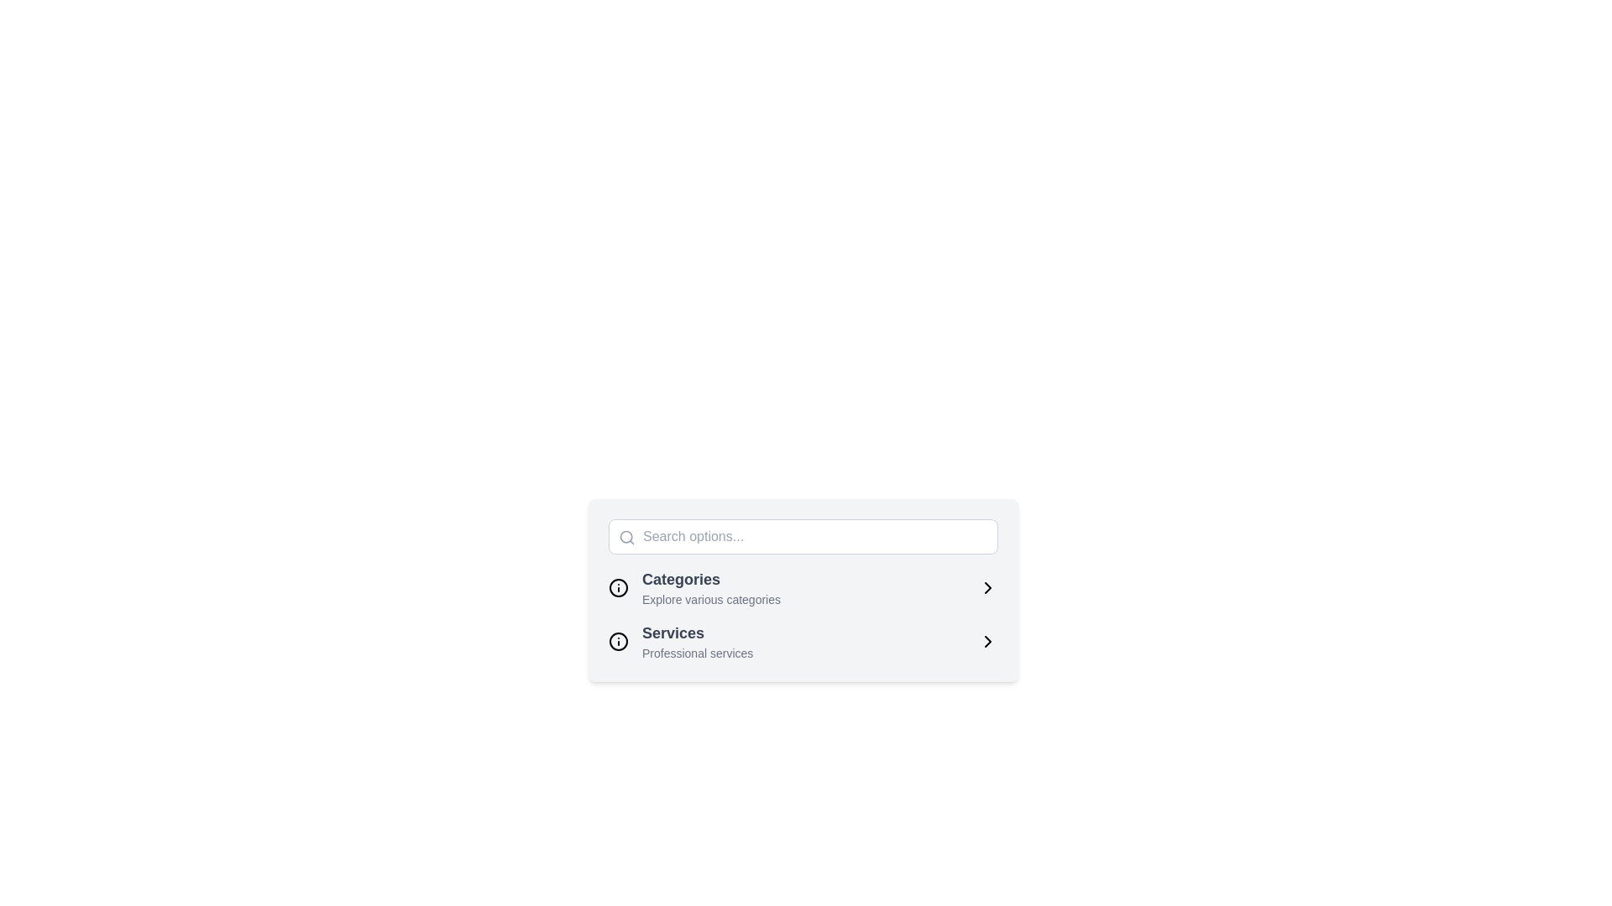  What do you see at coordinates (618, 587) in the screenshot?
I see `the information icon, which is a monochrome circle with a lowercase 'i' in the center, located to the left of the 'Categories' heading` at bounding box center [618, 587].